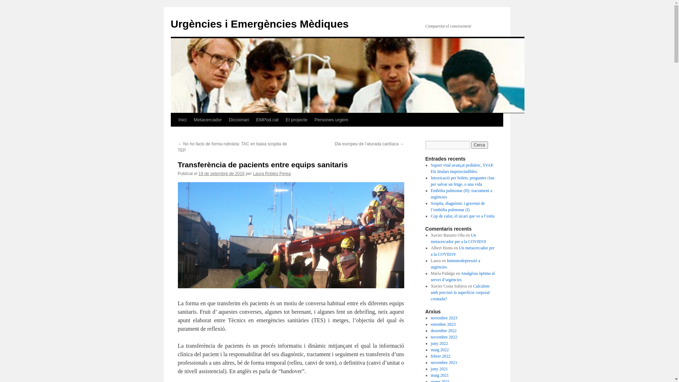 The height and width of the screenshot is (382, 679). Describe the element at coordinates (271, 173) in the screenshot. I see `'Laura Robles Perea'` at that location.